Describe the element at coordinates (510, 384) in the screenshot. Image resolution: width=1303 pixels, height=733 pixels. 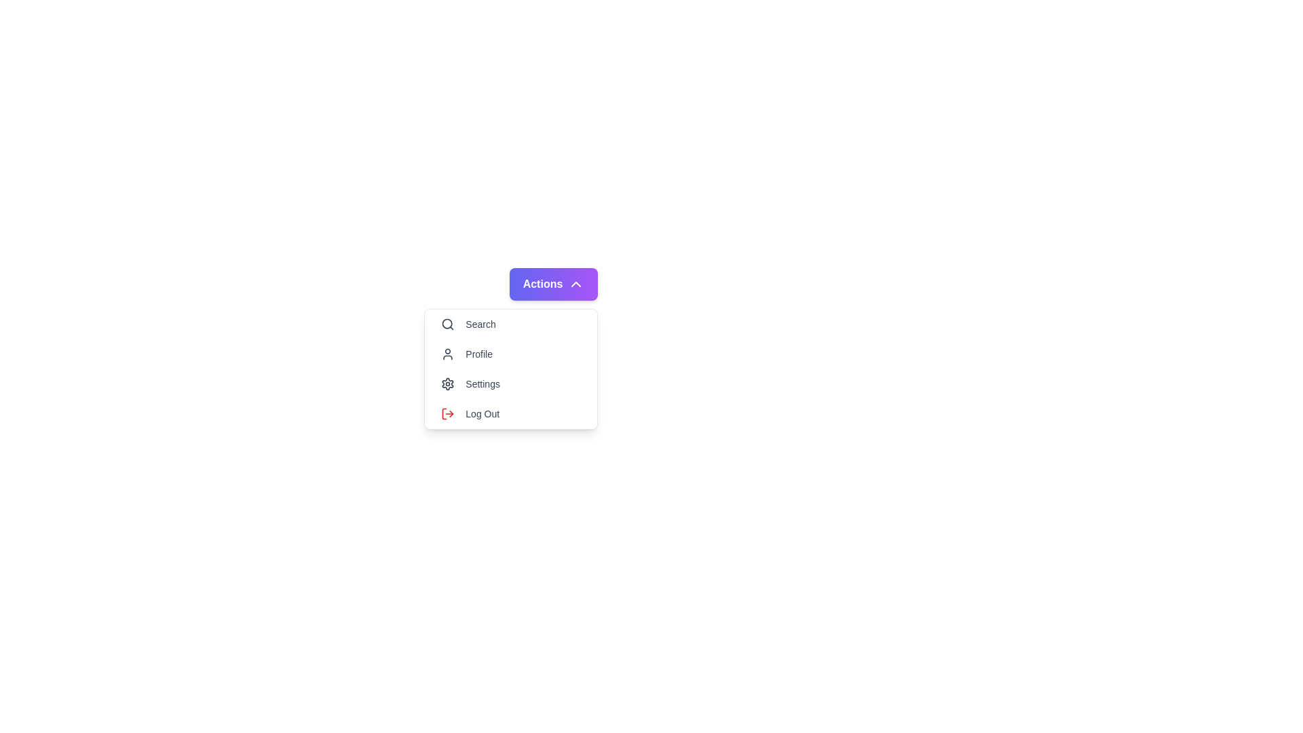
I see `the third item in the dropdown menu, which is located between the 'Profile' and 'Log Out' items` at that location.